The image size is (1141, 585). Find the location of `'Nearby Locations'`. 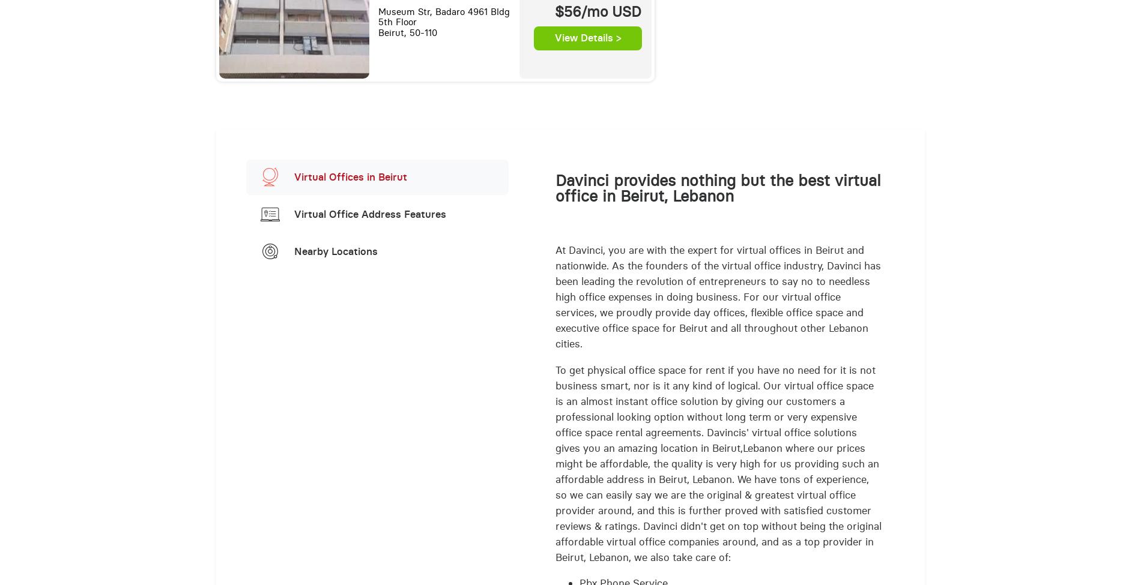

'Nearby Locations' is located at coordinates (335, 250).